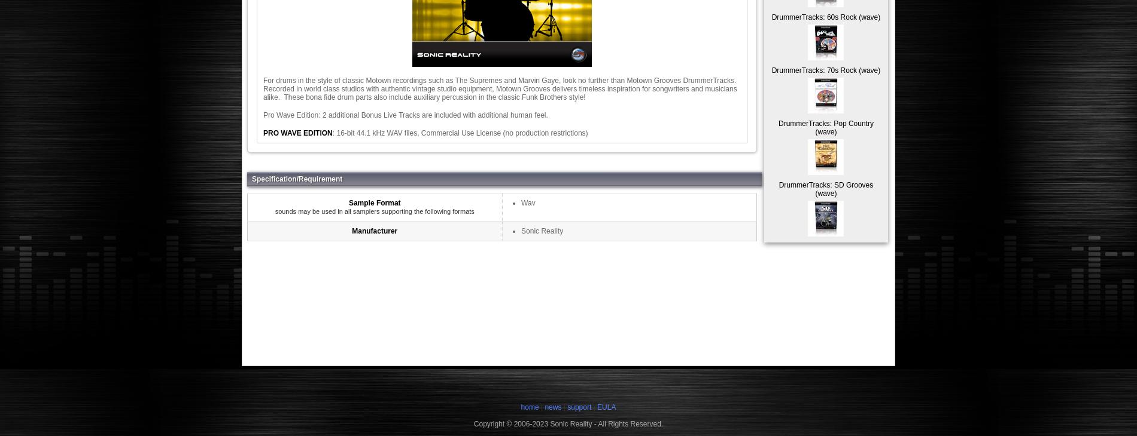  I want to click on 'DrummerTracks: Pop Country (wave)', so click(777, 127).